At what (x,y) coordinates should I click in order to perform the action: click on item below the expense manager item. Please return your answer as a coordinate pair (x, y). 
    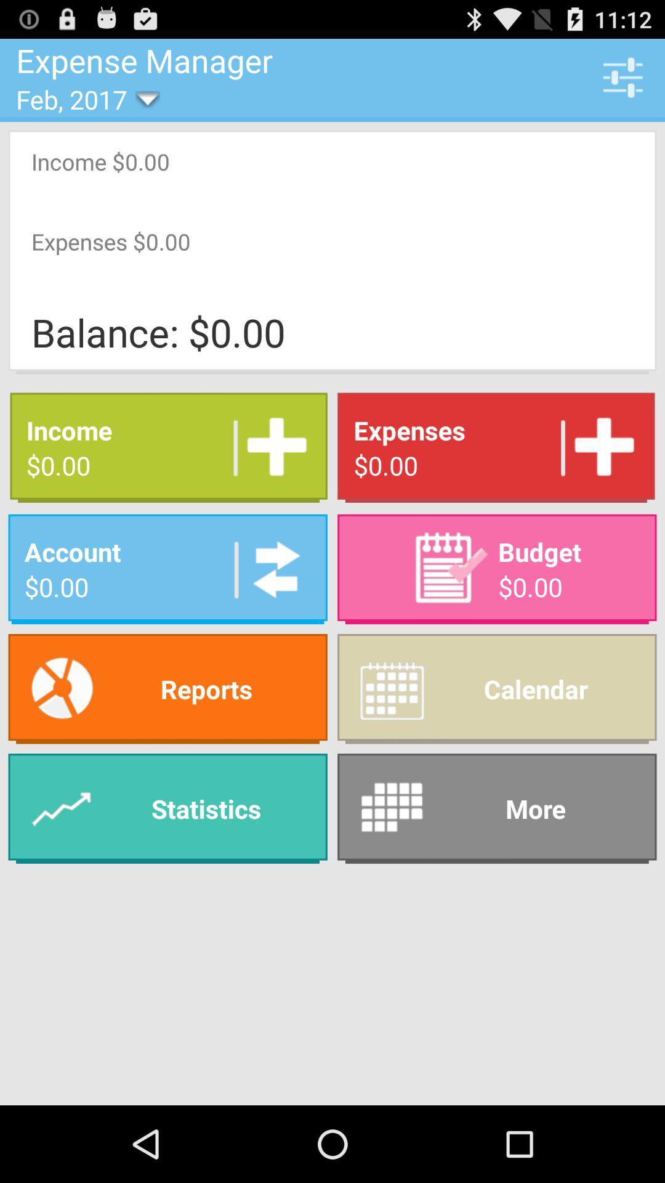
    Looking at the image, I should click on (80, 99).